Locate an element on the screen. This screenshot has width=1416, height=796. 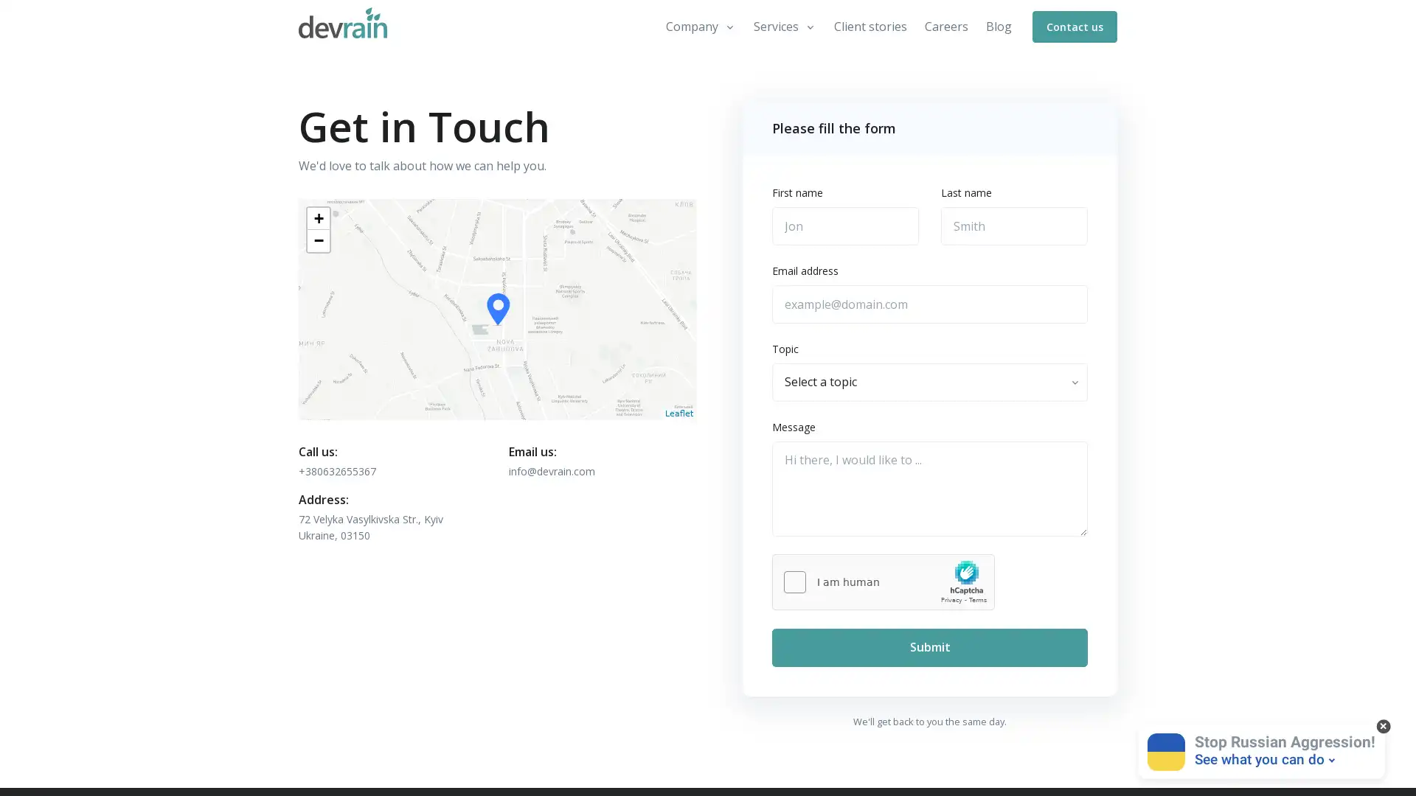
Zoom out is located at coordinates (318, 240).